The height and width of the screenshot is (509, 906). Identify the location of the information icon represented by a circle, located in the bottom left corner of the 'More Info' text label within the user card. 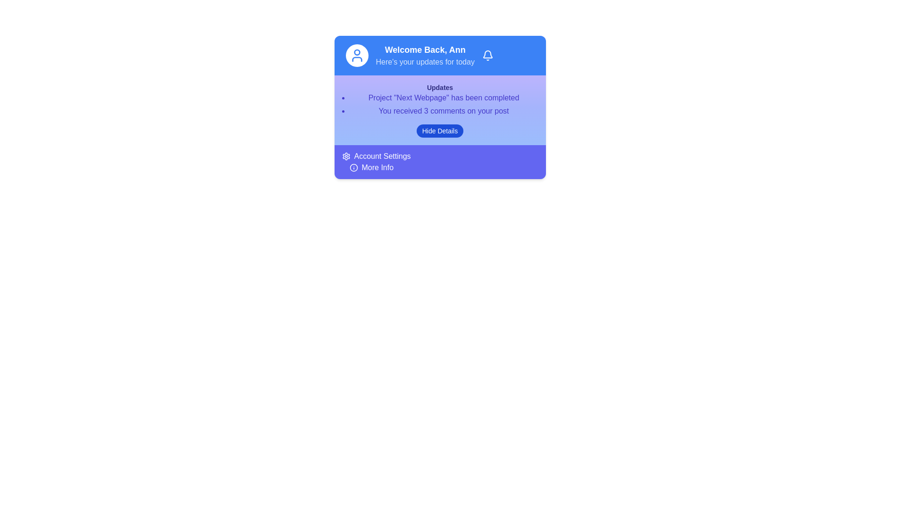
(353, 167).